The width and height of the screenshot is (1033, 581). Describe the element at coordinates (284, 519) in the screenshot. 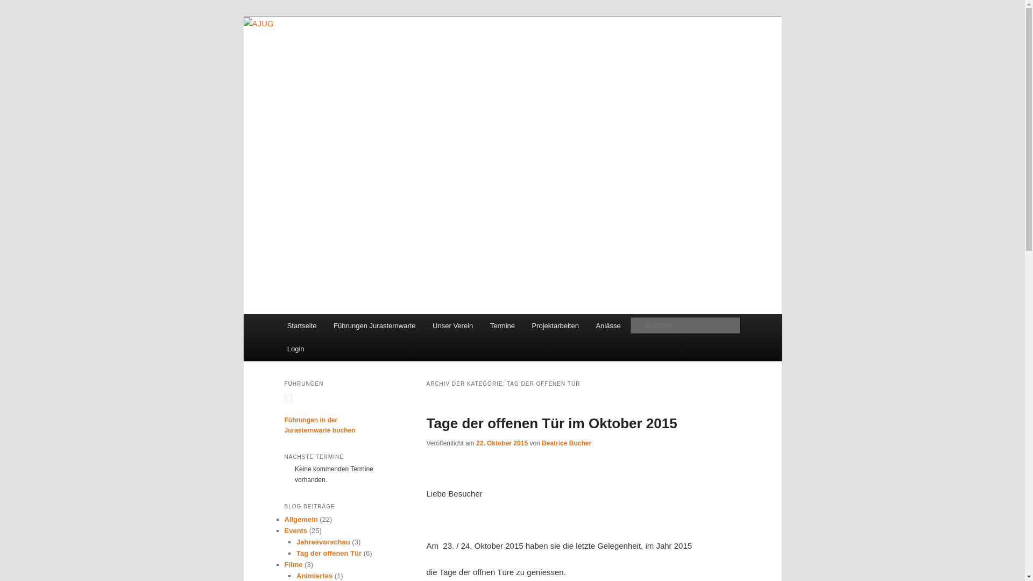

I see `'Allgemein'` at that location.